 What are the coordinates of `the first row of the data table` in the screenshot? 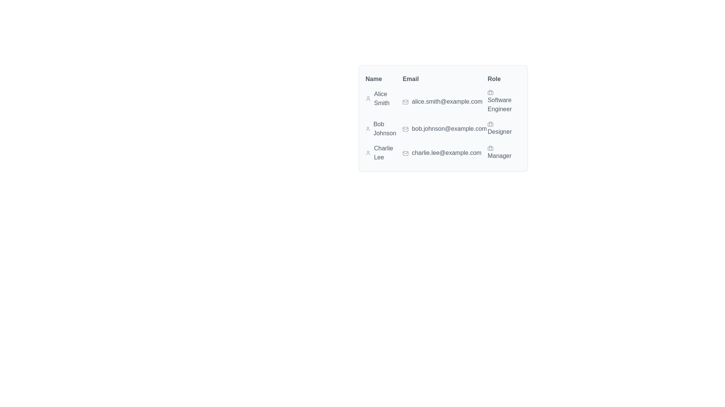 It's located at (443, 102).